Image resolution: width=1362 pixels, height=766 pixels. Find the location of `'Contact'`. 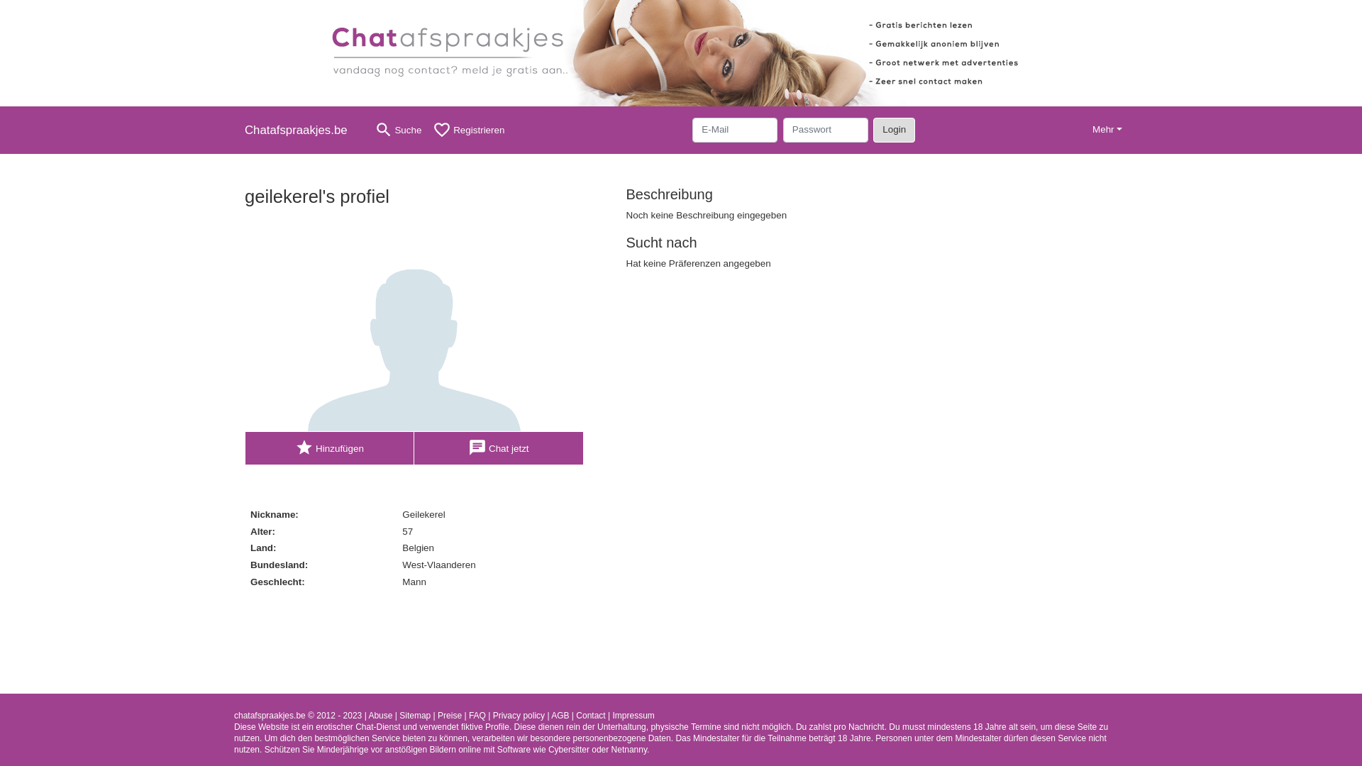

'Contact' is located at coordinates (590, 716).